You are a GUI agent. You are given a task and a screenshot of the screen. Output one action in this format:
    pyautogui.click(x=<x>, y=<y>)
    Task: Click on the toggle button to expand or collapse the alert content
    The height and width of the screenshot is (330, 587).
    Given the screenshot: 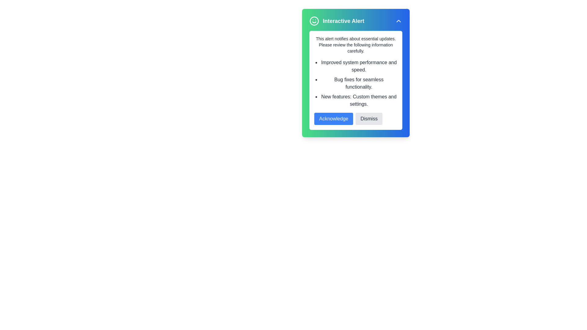 What is the action you would take?
    pyautogui.click(x=399, y=21)
    